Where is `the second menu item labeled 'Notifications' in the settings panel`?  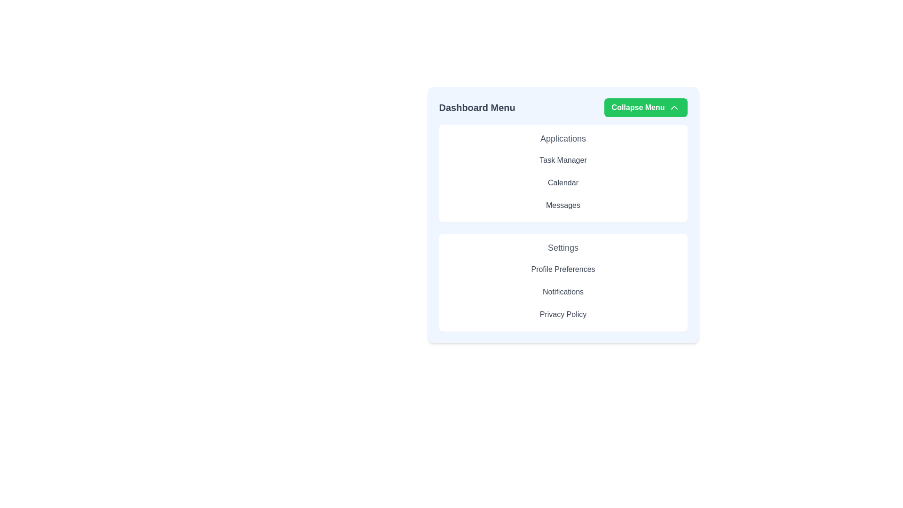 the second menu item labeled 'Notifications' in the settings panel is located at coordinates (563, 292).